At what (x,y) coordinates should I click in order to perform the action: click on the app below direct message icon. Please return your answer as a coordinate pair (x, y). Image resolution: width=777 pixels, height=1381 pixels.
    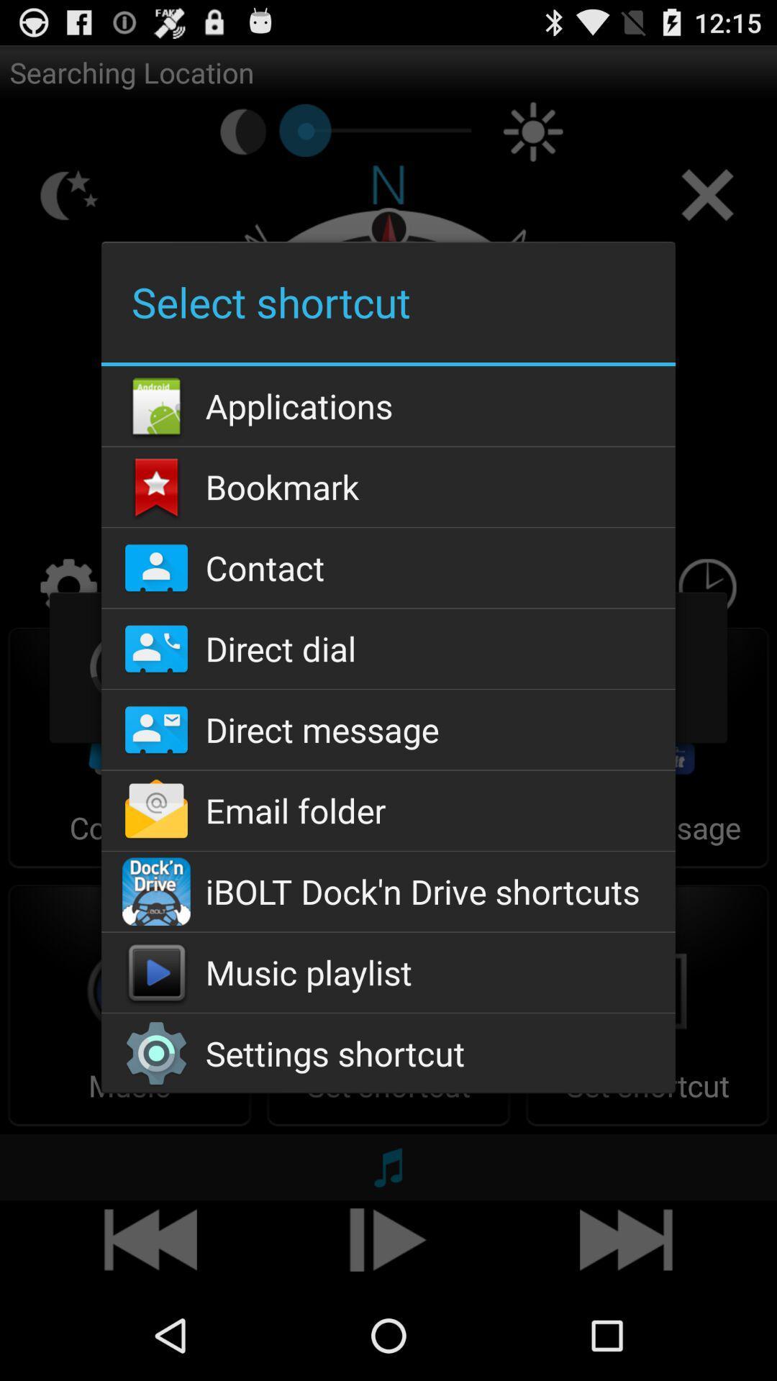
    Looking at the image, I should click on (388, 811).